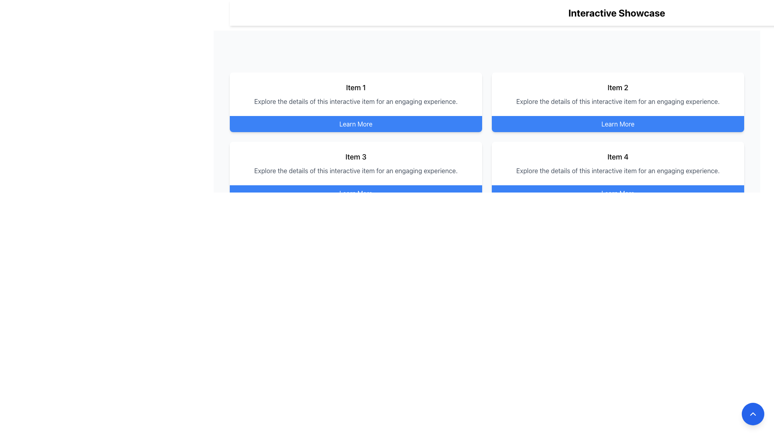 The image size is (774, 435). I want to click on the button located at the bottom of the card representing 'Item 3', so click(356, 193).